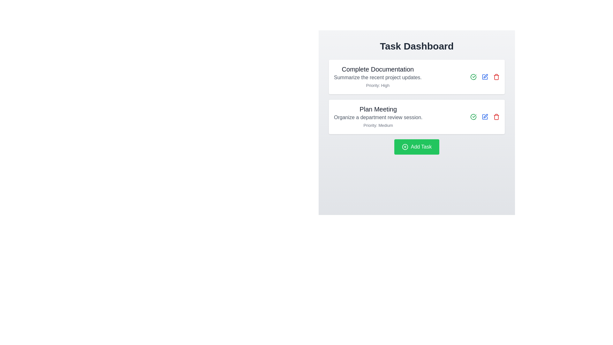  What do you see at coordinates (485, 76) in the screenshot?
I see `the blue square-shaped pen icon button used for editing, located to the right of the 'Complete Documentation' task description in the task list` at bounding box center [485, 76].